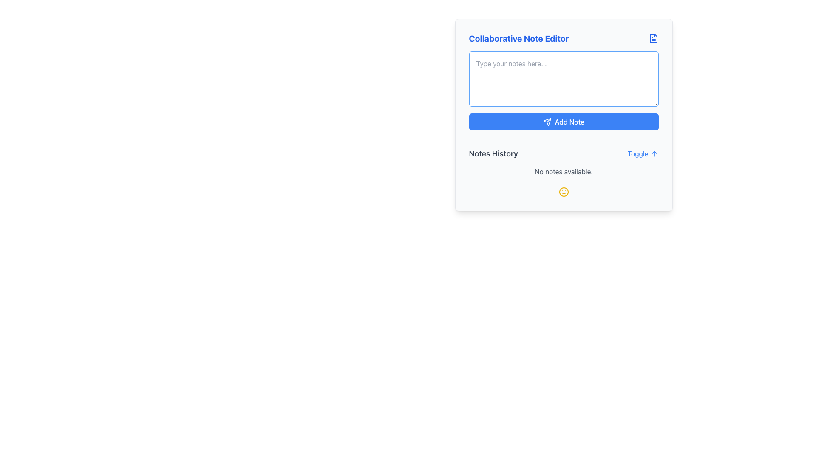 Image resolution: width=816 pixels, height=459 pixels. Describe the element at coordinates (547, 122) in the screenshot. I see `the stylized paper airplane icon located within the 'Add Note' button, which is rendered in white and positioned towards the left side of the button` at that location.